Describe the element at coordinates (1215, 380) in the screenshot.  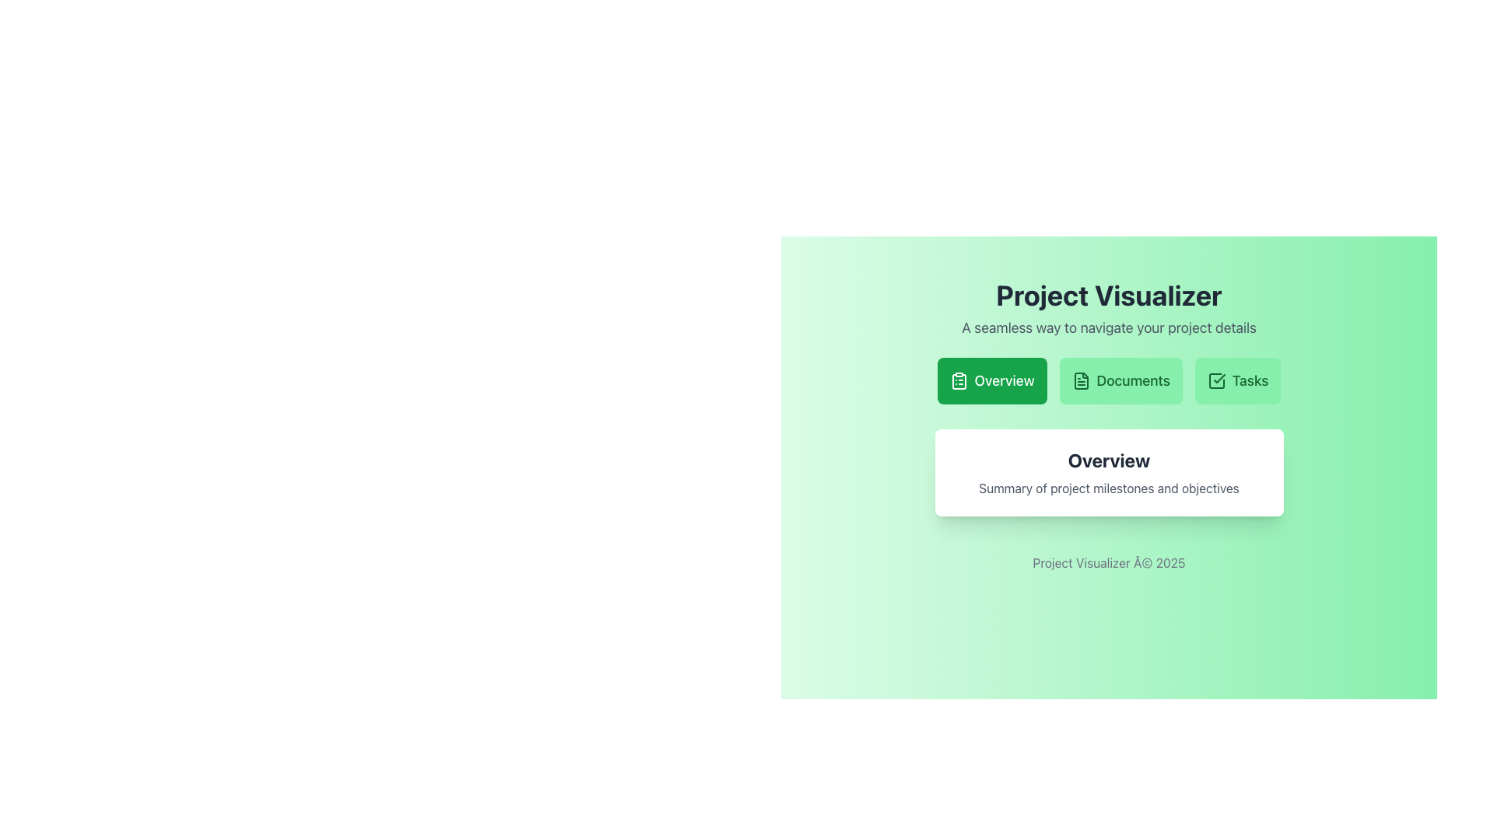
I see `the checkmark icon within the 'Tasks' button, which is the third navigation option from the left and has a green outline` at that location.